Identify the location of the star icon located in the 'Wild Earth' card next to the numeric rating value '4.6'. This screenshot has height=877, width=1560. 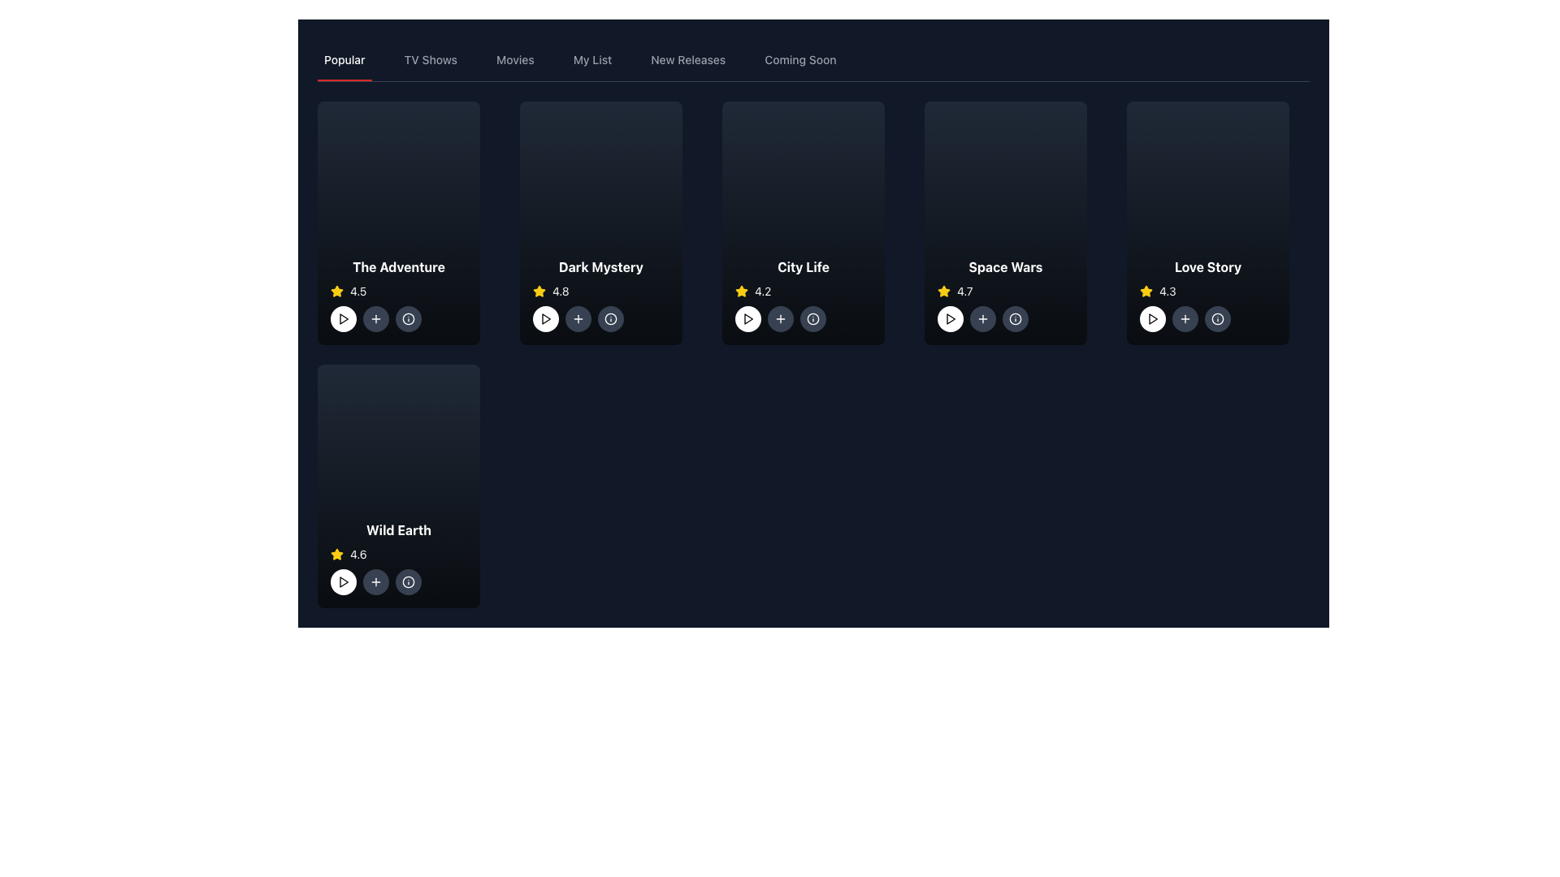
(336, 553).